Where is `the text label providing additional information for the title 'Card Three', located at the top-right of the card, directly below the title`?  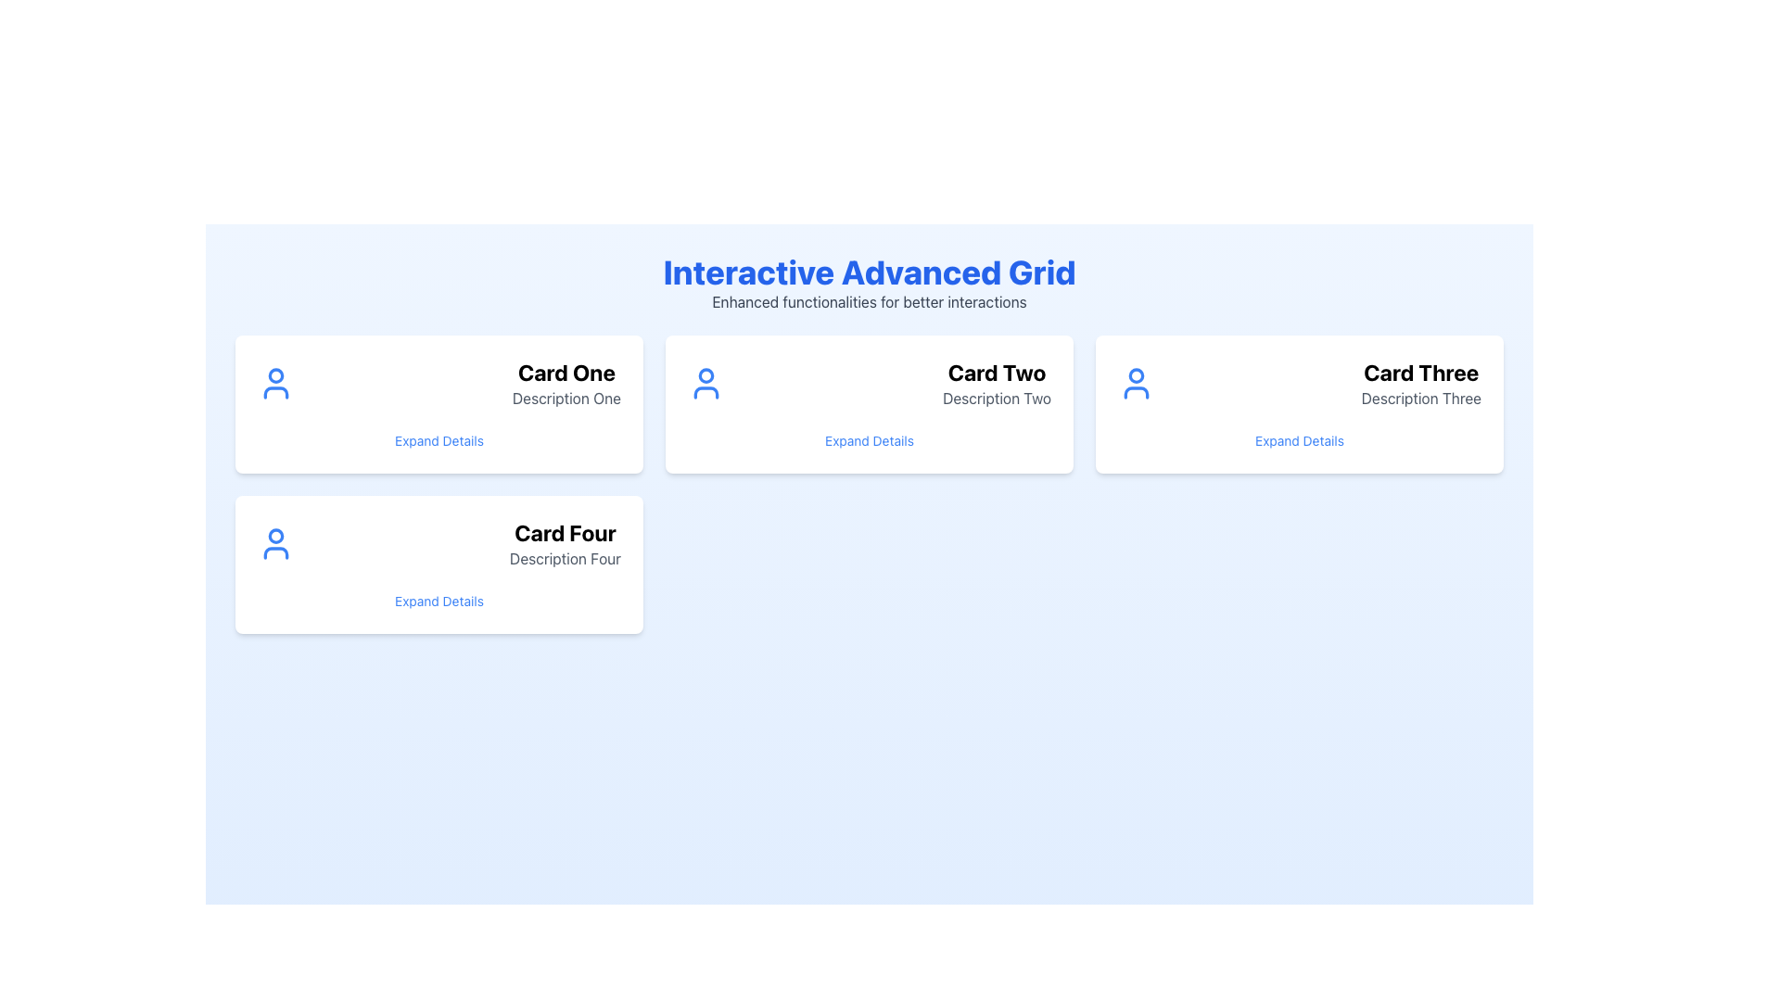 the text label providing additional information for the title 'Card Three', located at the top-right of the card, directly below the title is located at coordinates (1420, 397).